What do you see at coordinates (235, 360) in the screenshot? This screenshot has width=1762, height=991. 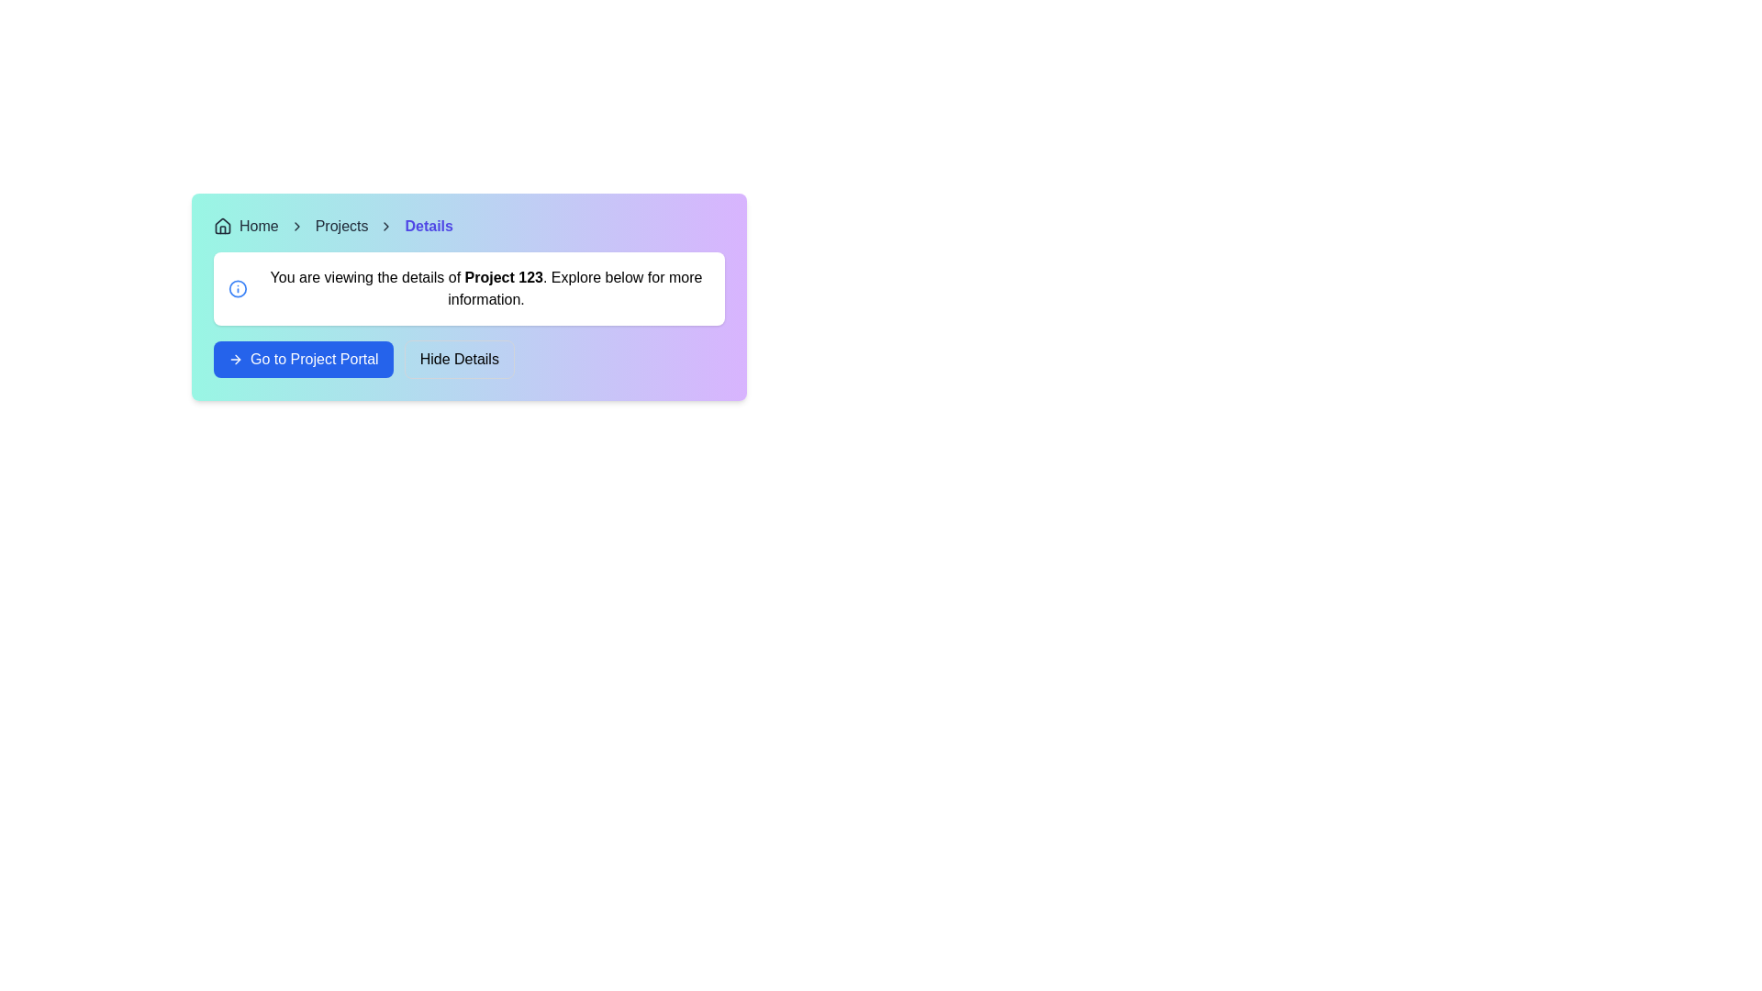 I see `the small arrow-shaped SVG icon located to the left of the 'Go to Project Portal' text within the blue button` at bounding box center [235, 360].